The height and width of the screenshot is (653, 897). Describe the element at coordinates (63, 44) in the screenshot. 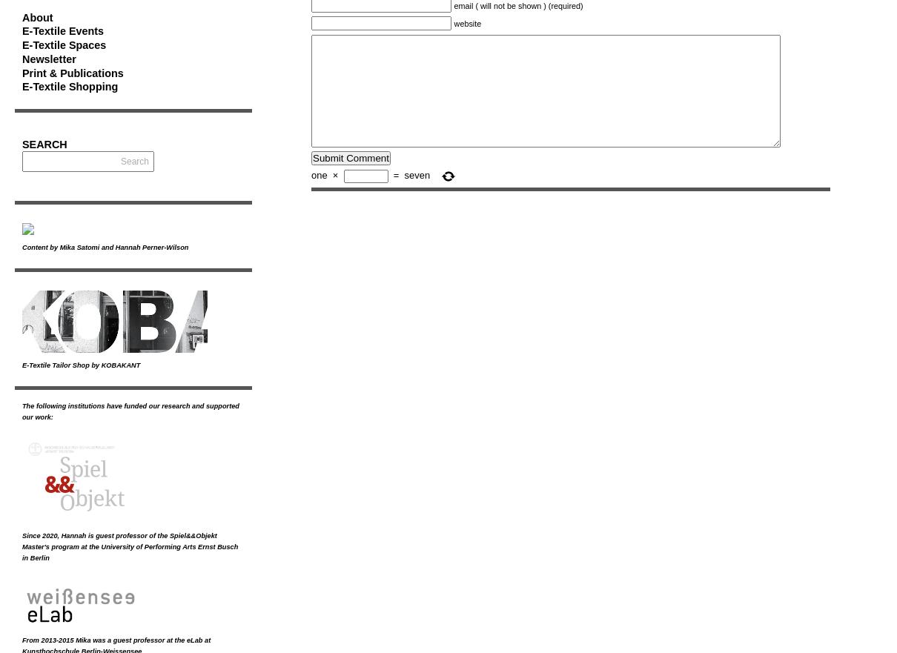

I see `'E-Textile Spaces'` at that location.